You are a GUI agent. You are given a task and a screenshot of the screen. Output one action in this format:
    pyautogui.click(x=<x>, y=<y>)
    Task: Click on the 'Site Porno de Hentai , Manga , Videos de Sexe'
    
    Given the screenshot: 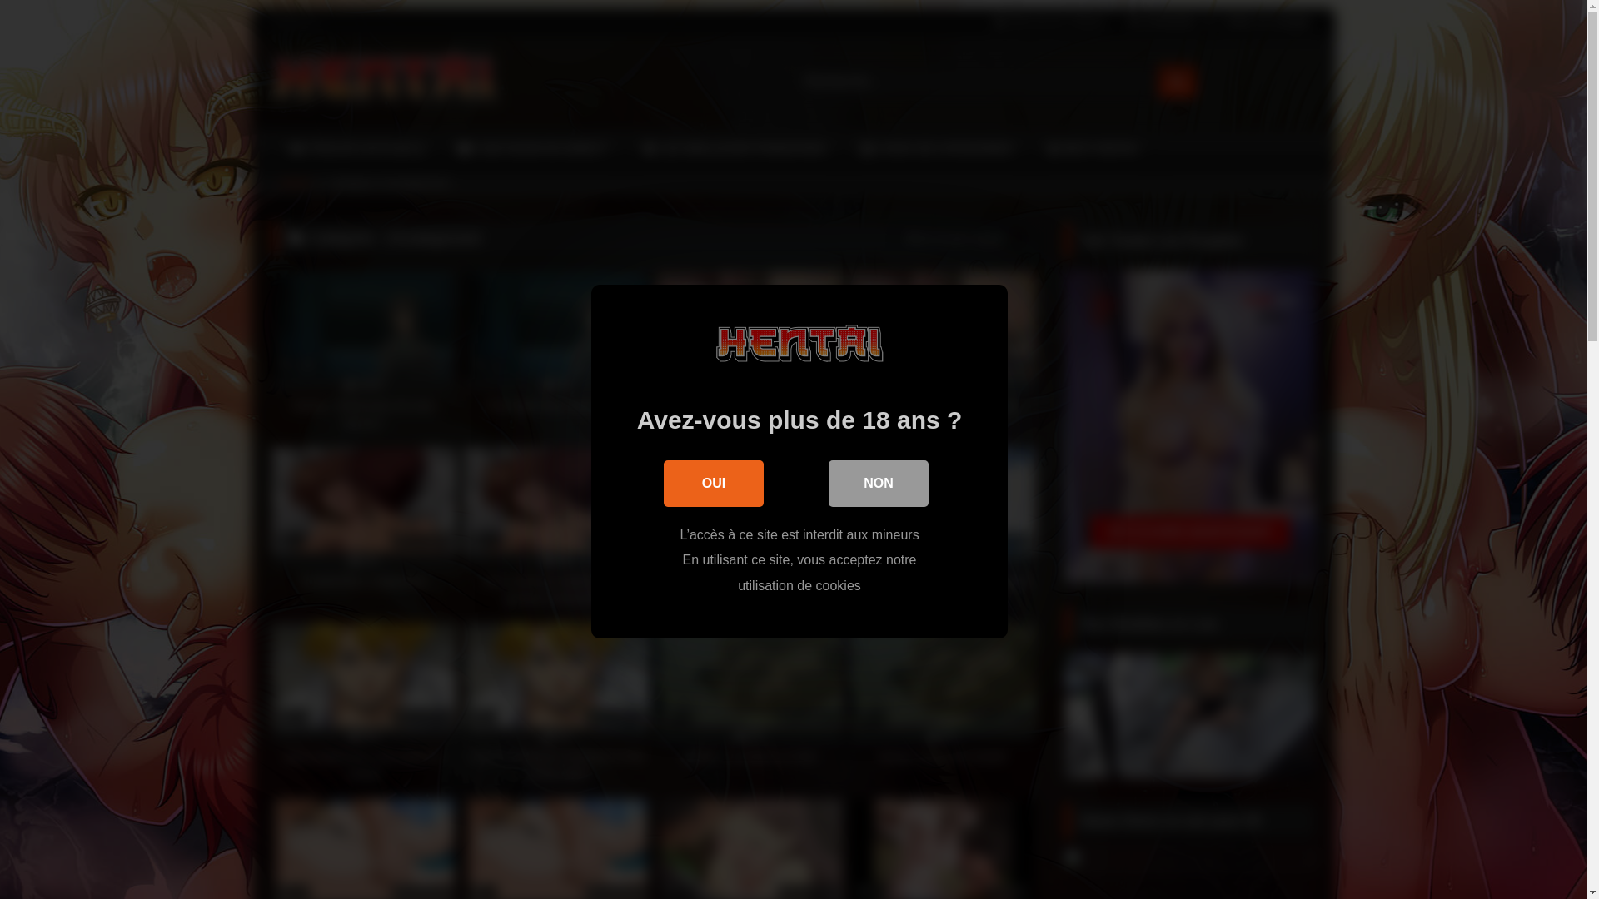 What is the action you would take?
    pyautogui.click(x=382, y=81)
    